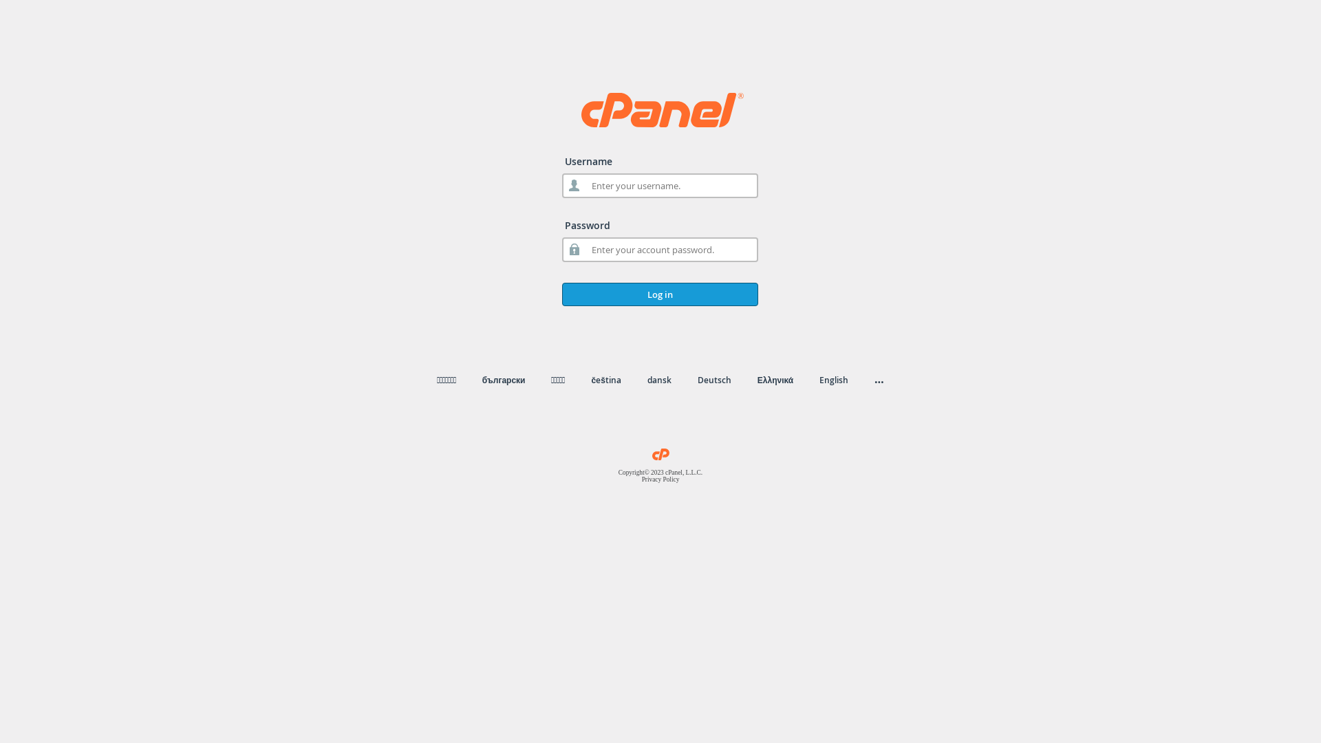 The image size is (1321, 743). What do you see at coordinates (714, 380) in the screenshot?
I see `'Deutsch'` at bounding box center [714, 380].